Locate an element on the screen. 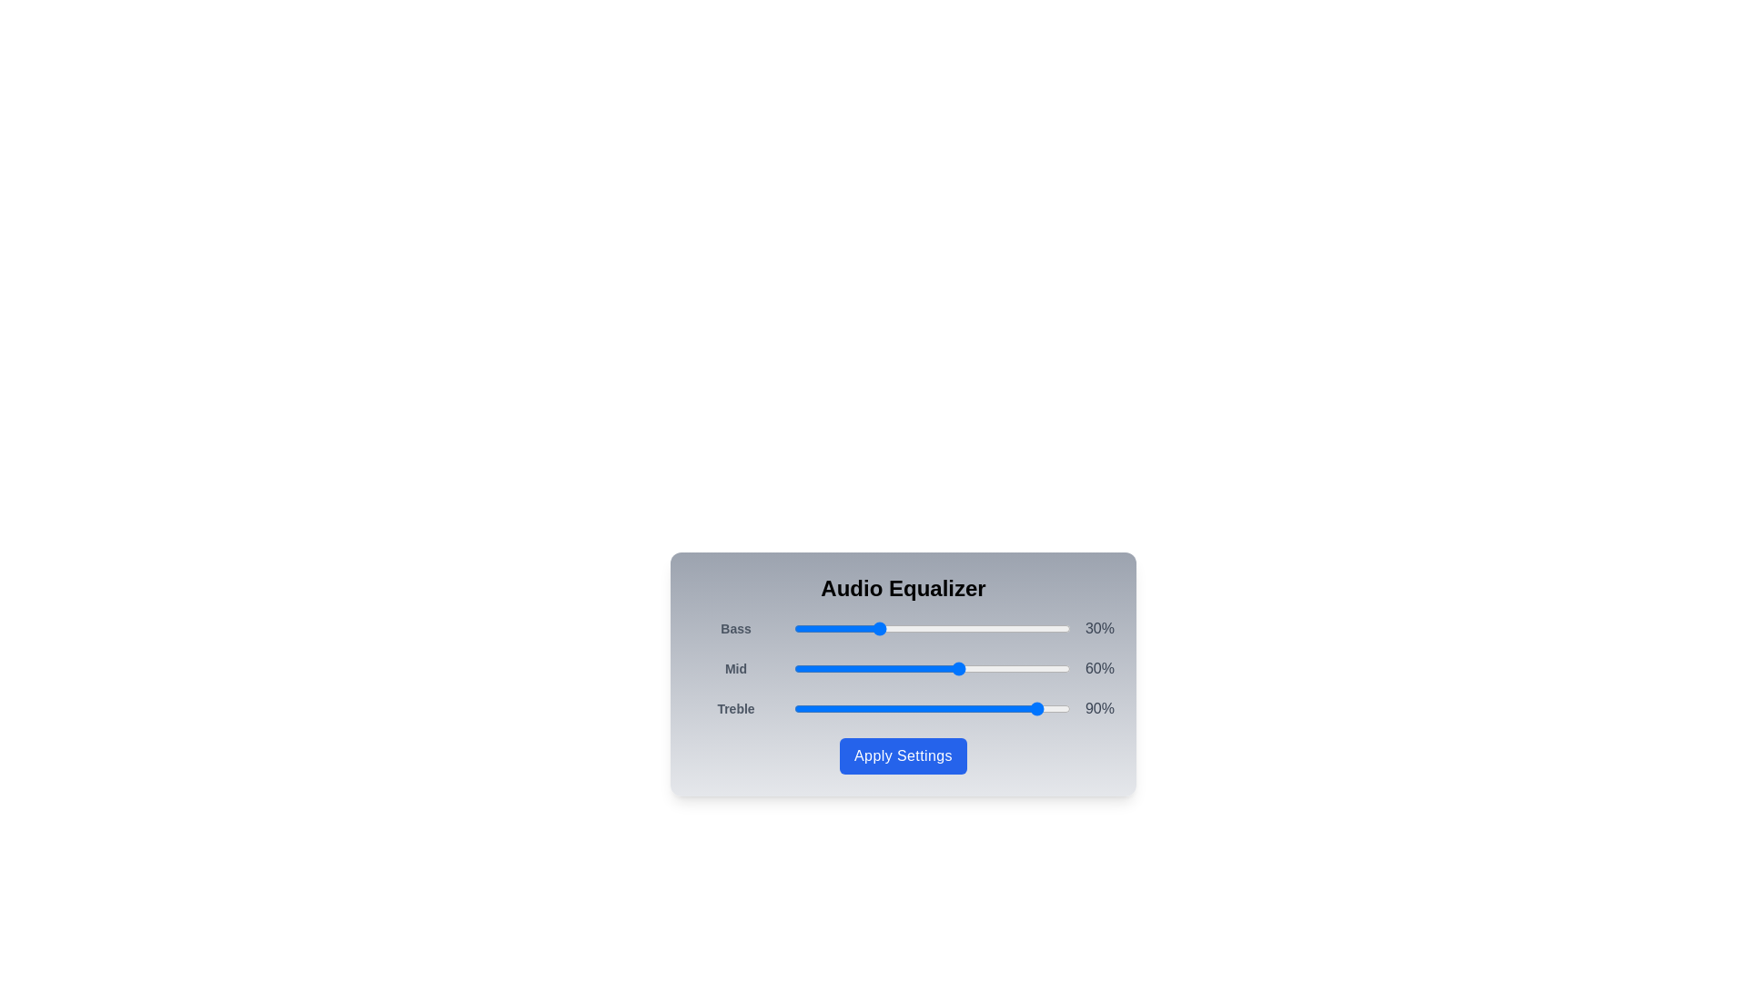  the 1 slider to 61% is located at coordinates (962, 669).